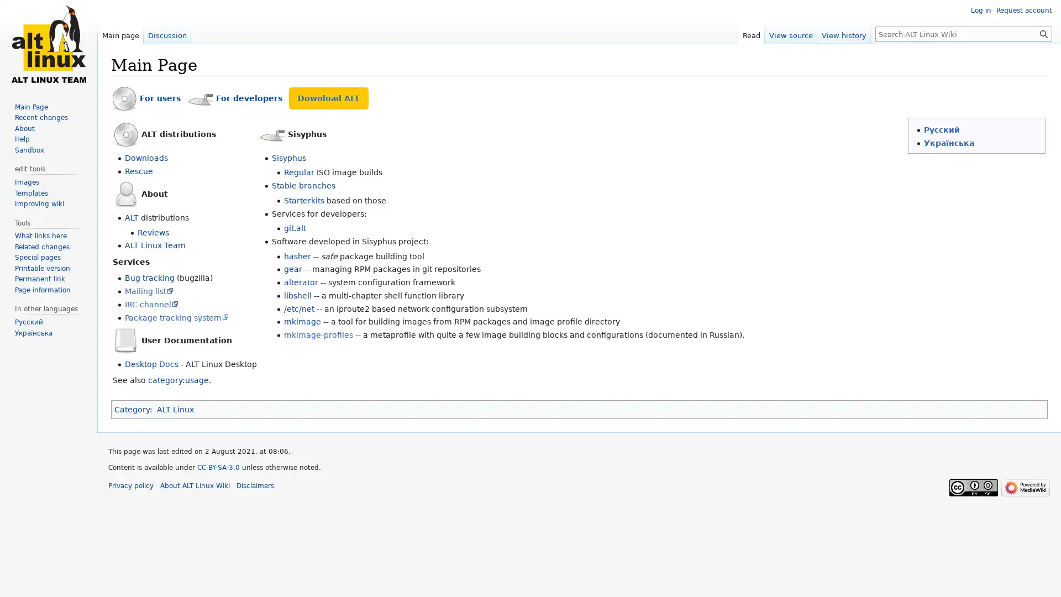 The width and height of the screenshot is (1061, 597). I want to click on Search, so click(1043, 33).